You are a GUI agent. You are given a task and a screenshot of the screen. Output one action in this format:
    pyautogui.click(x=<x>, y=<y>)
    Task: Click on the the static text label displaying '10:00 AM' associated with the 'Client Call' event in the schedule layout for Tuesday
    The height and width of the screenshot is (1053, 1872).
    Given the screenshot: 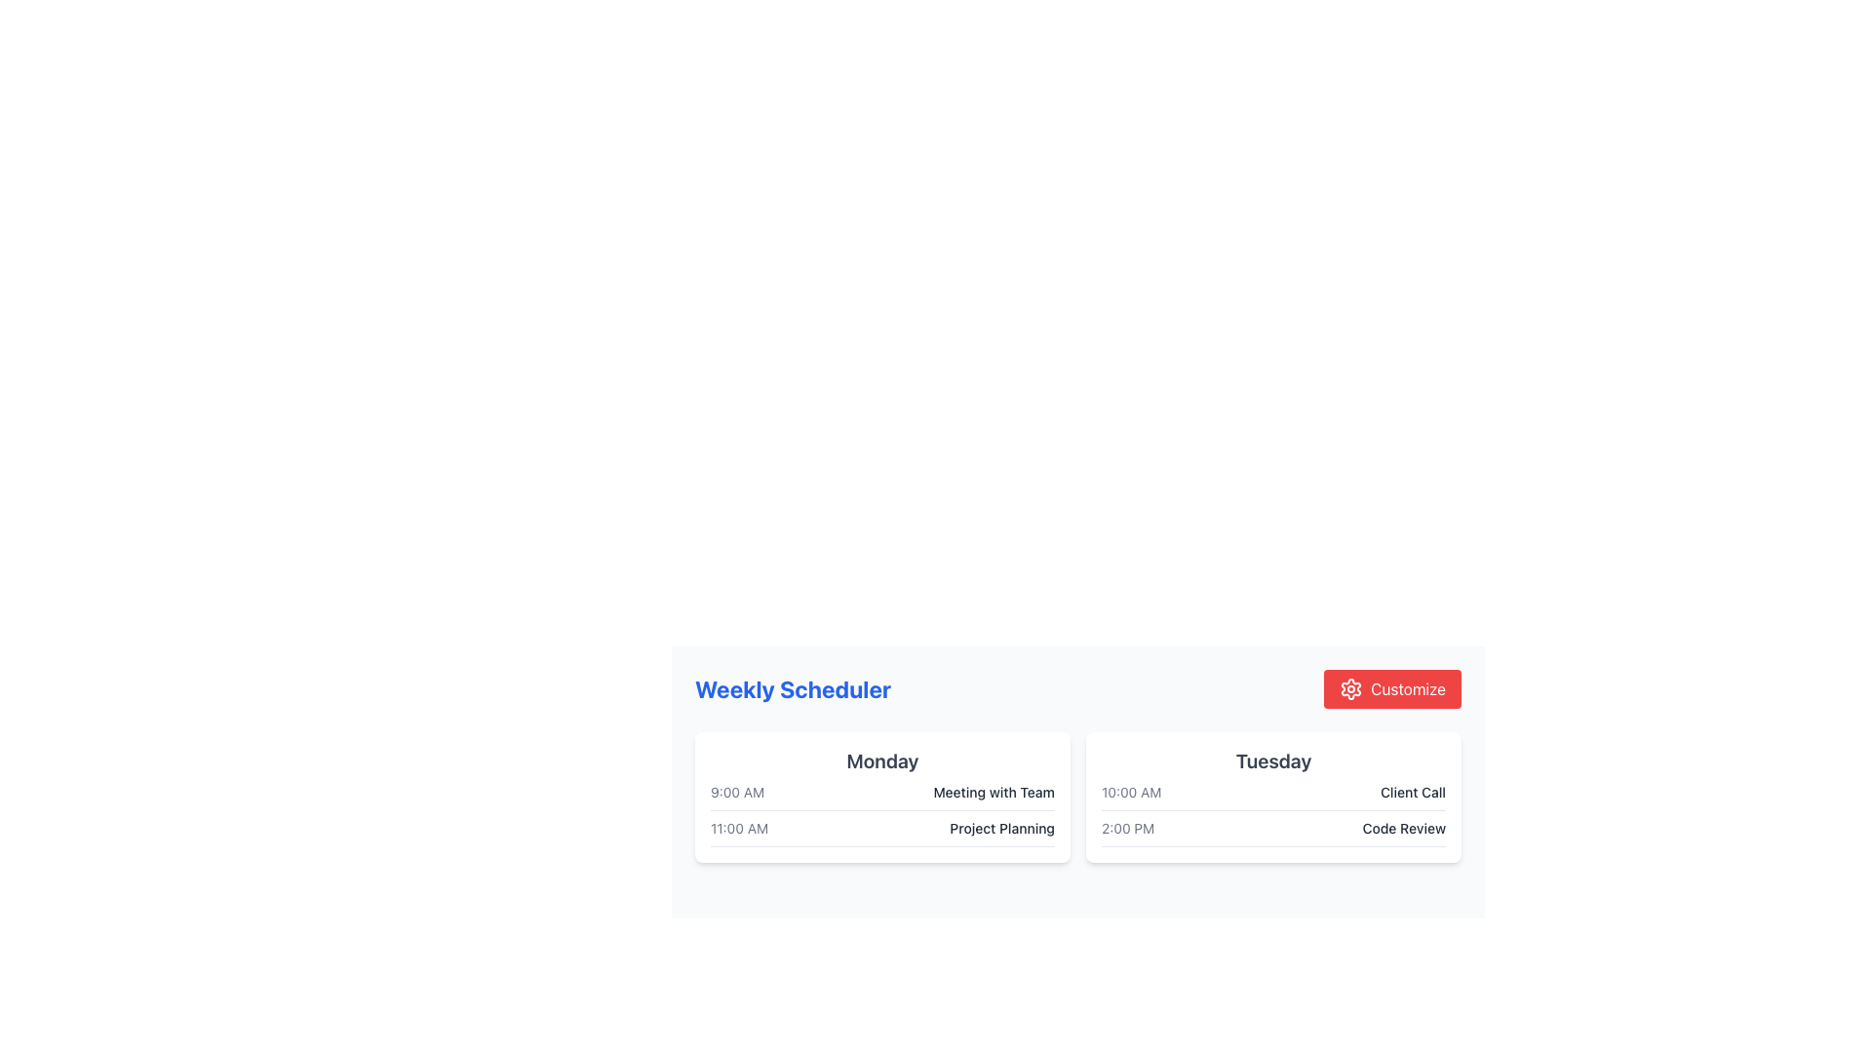 What is the action you would take?
    pyautogui.click(x=1131, y=793)
    